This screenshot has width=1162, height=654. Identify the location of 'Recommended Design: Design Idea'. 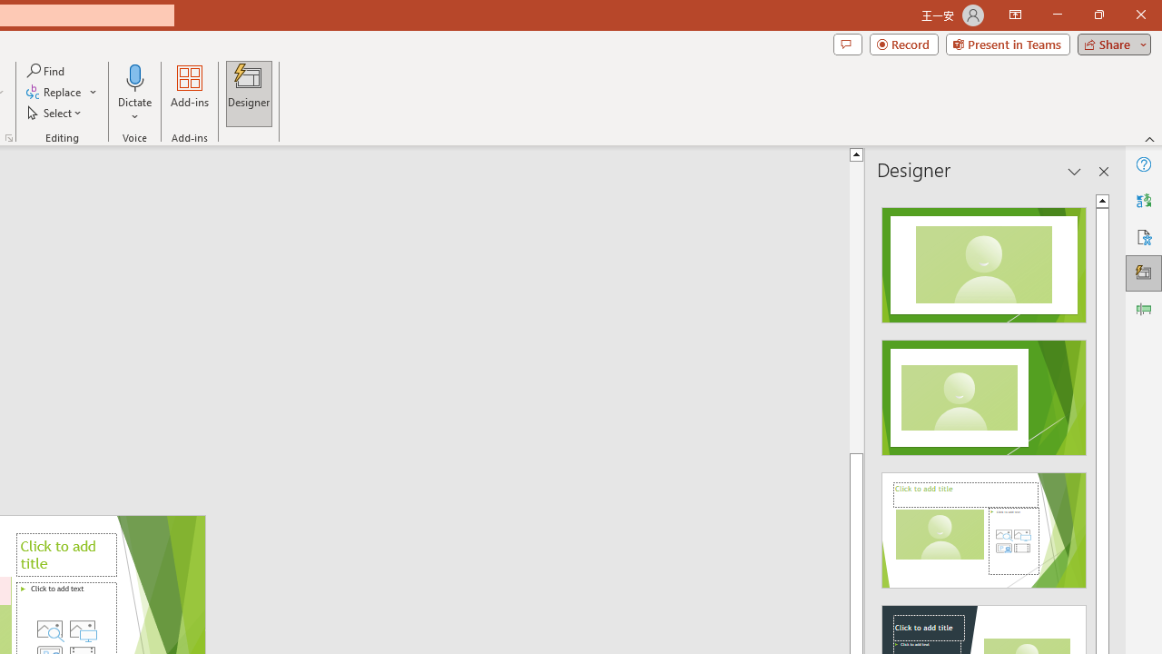
(983, 260).